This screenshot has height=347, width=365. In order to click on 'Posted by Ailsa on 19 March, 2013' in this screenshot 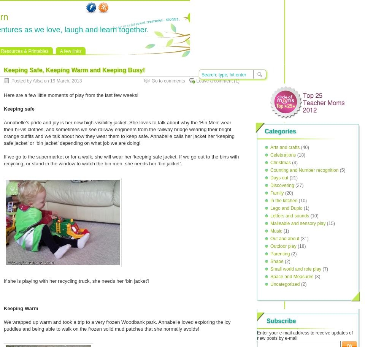, I will do `click(11, 81)`.